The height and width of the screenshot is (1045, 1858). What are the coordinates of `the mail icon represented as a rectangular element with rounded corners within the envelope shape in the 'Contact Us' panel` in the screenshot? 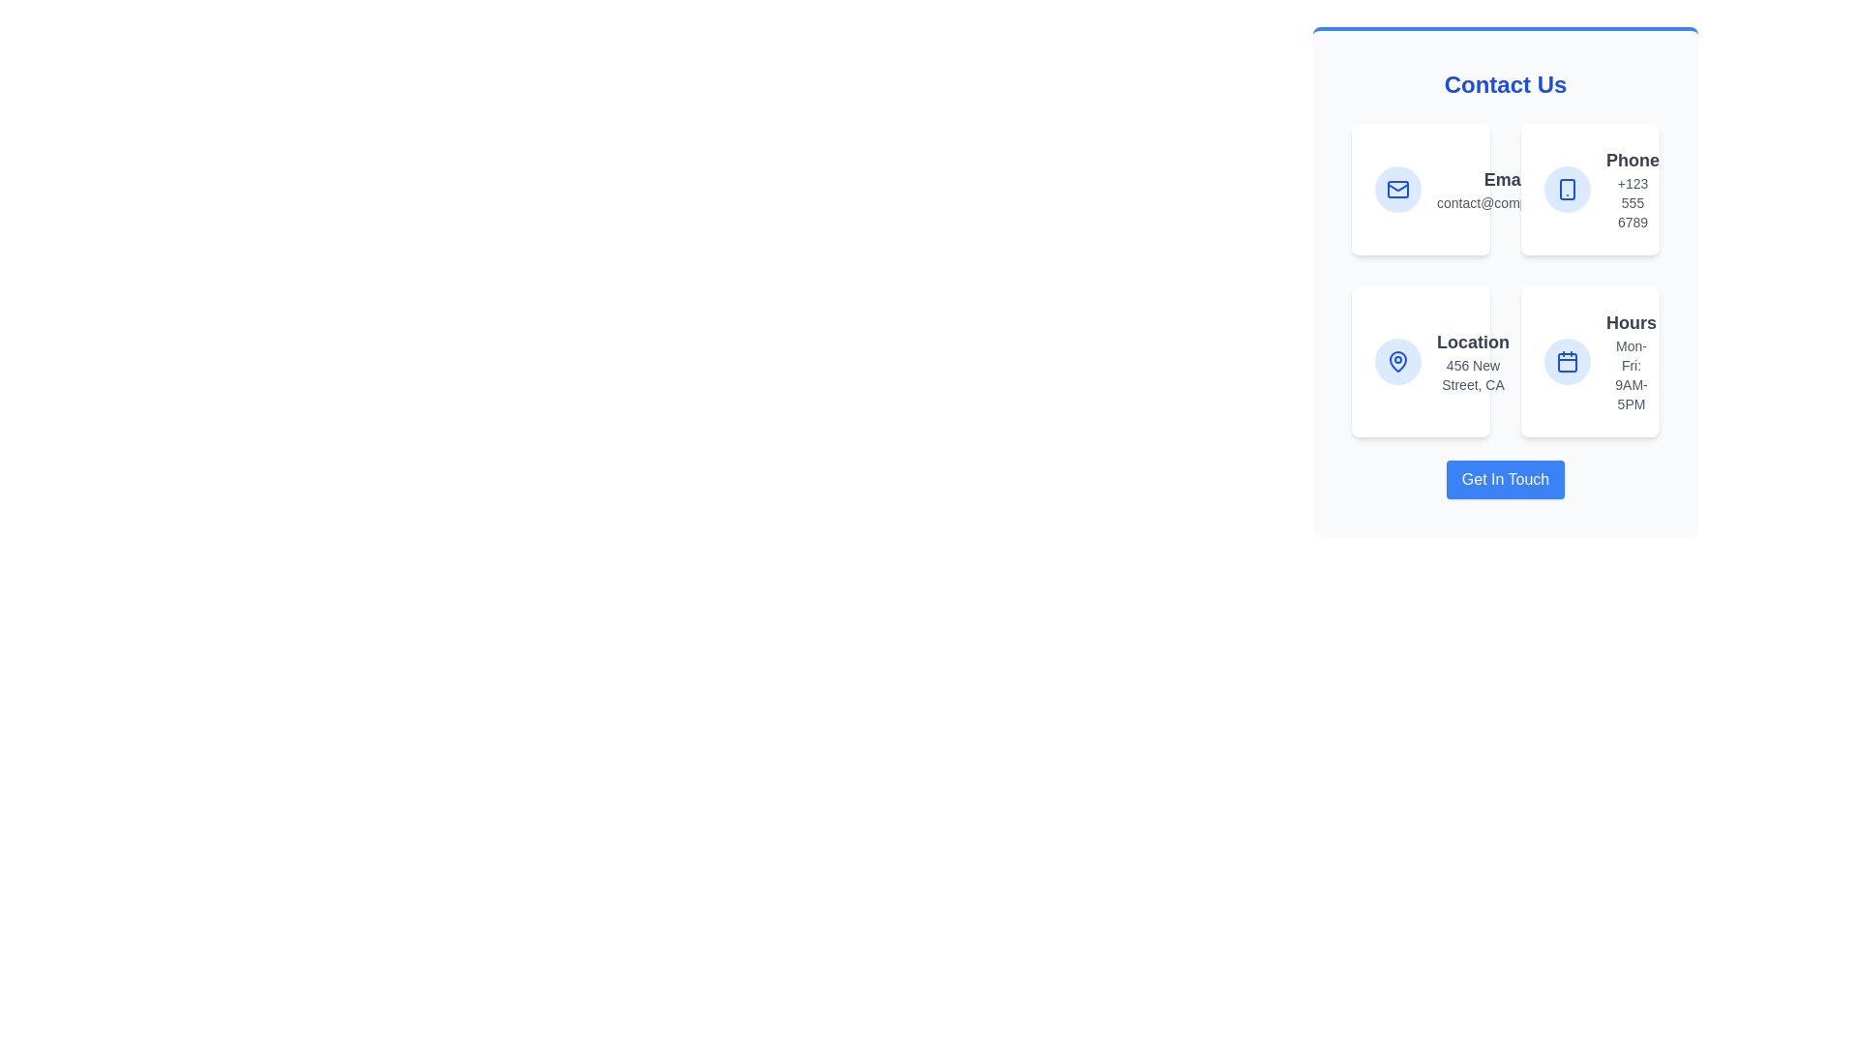 It's located at (1397, 190).